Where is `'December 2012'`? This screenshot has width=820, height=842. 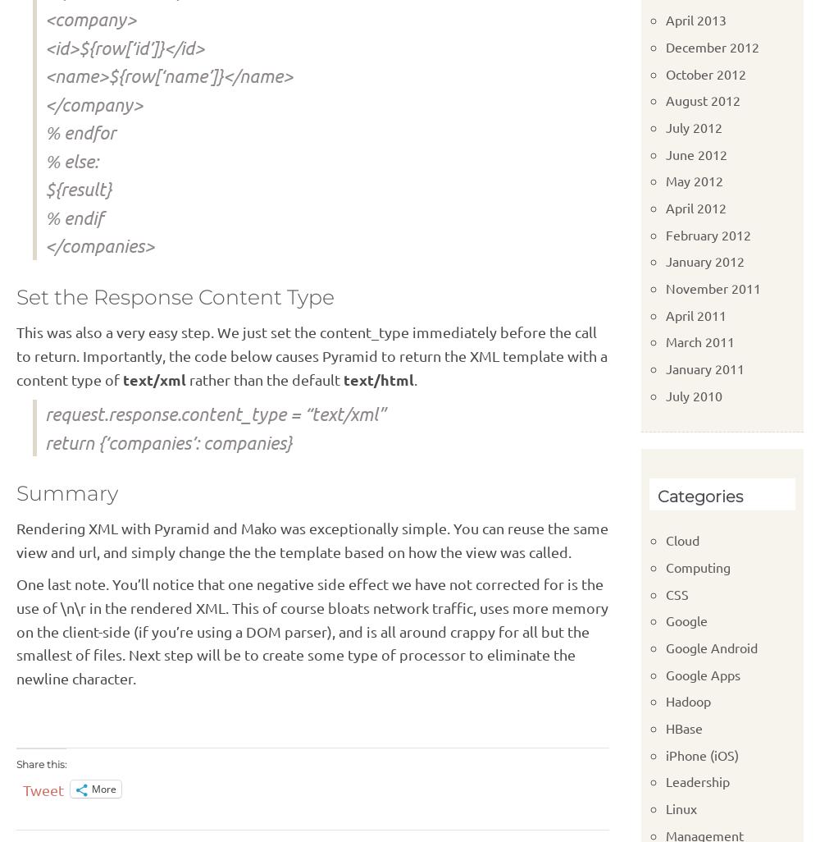 'December 2012' is located at coordinates (711, 46).